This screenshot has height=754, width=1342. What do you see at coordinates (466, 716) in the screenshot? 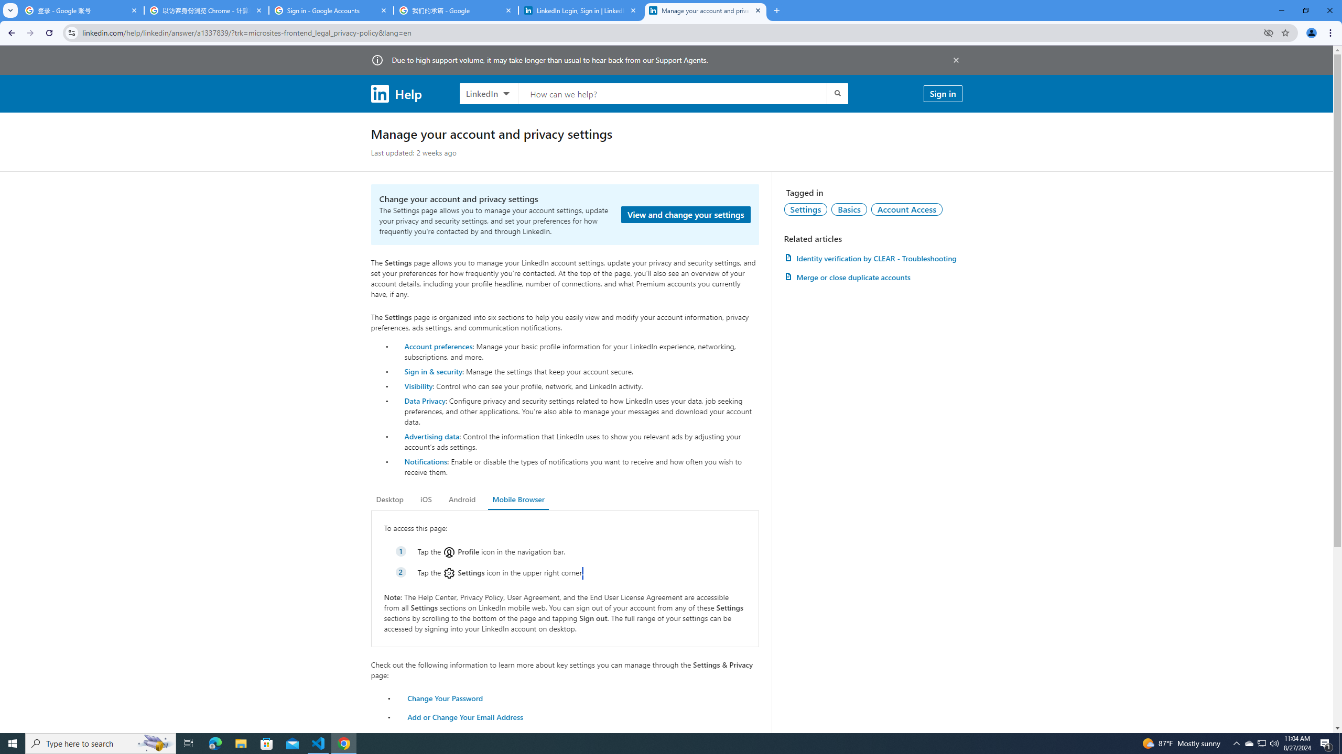
I see `'Add or Change Your Email Address'` at bounding box center [466, 716].